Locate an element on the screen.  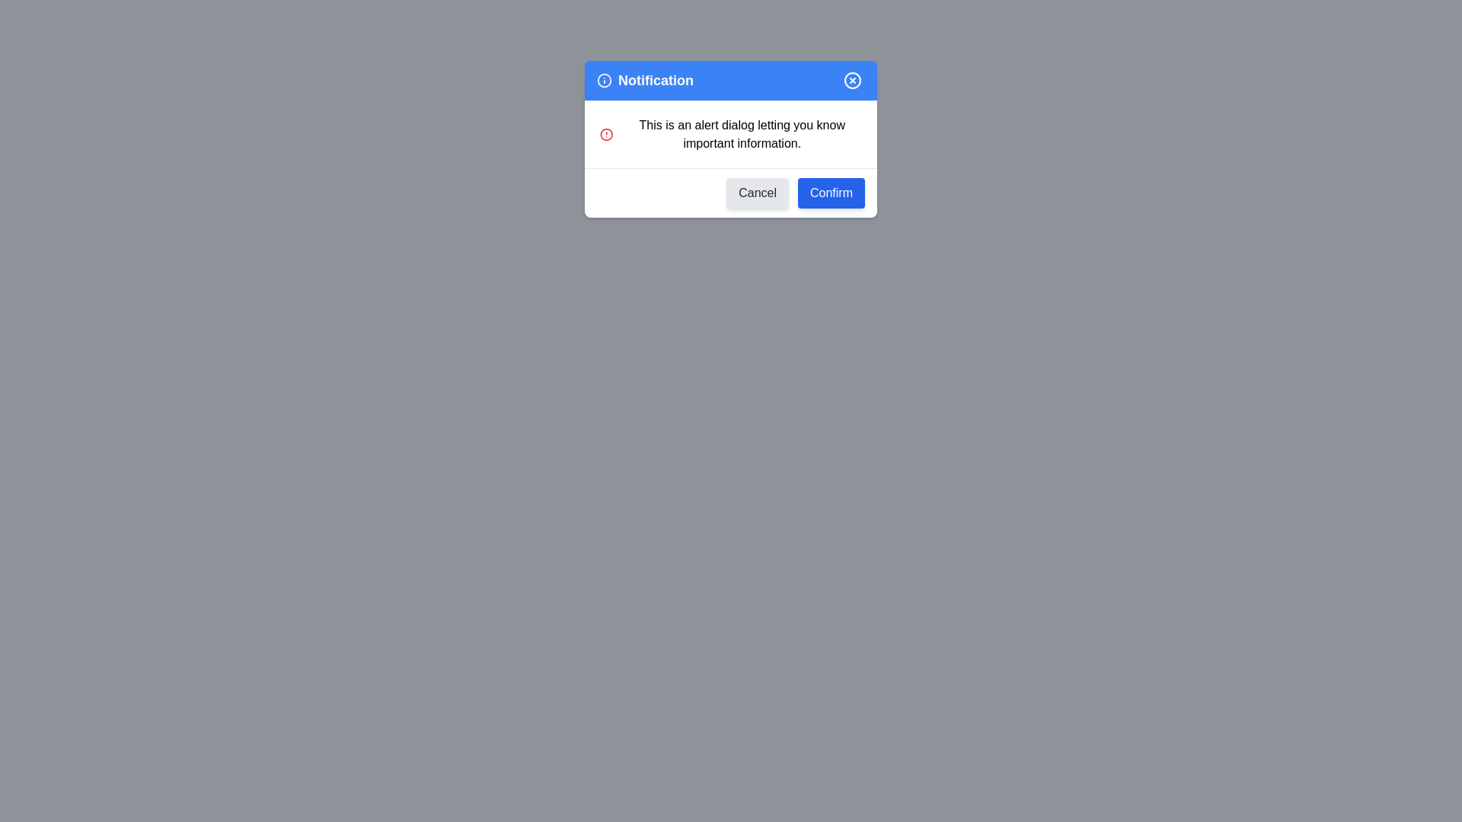
the circular close button with an 'X' icon located at the top-right corner of the blue header bar labeled 'Notification' is located at coordinates (851, 80).